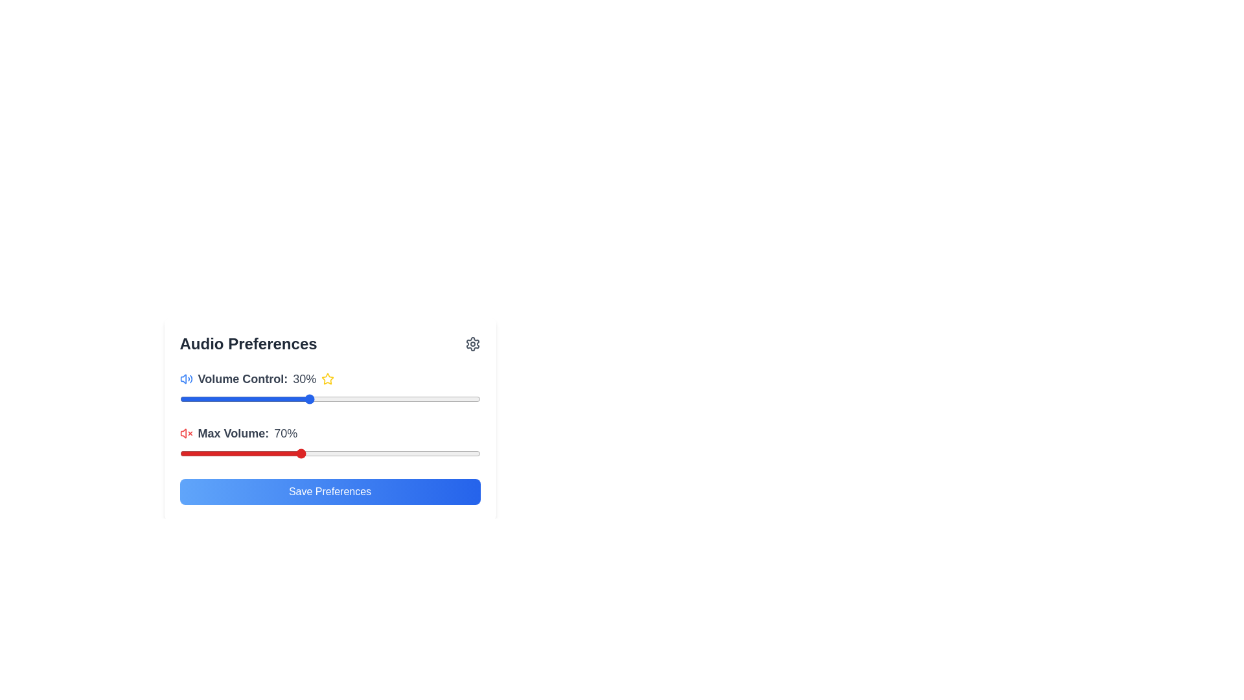 The image size is (1244, 700). I want to click on max volume, so click(377, 452).